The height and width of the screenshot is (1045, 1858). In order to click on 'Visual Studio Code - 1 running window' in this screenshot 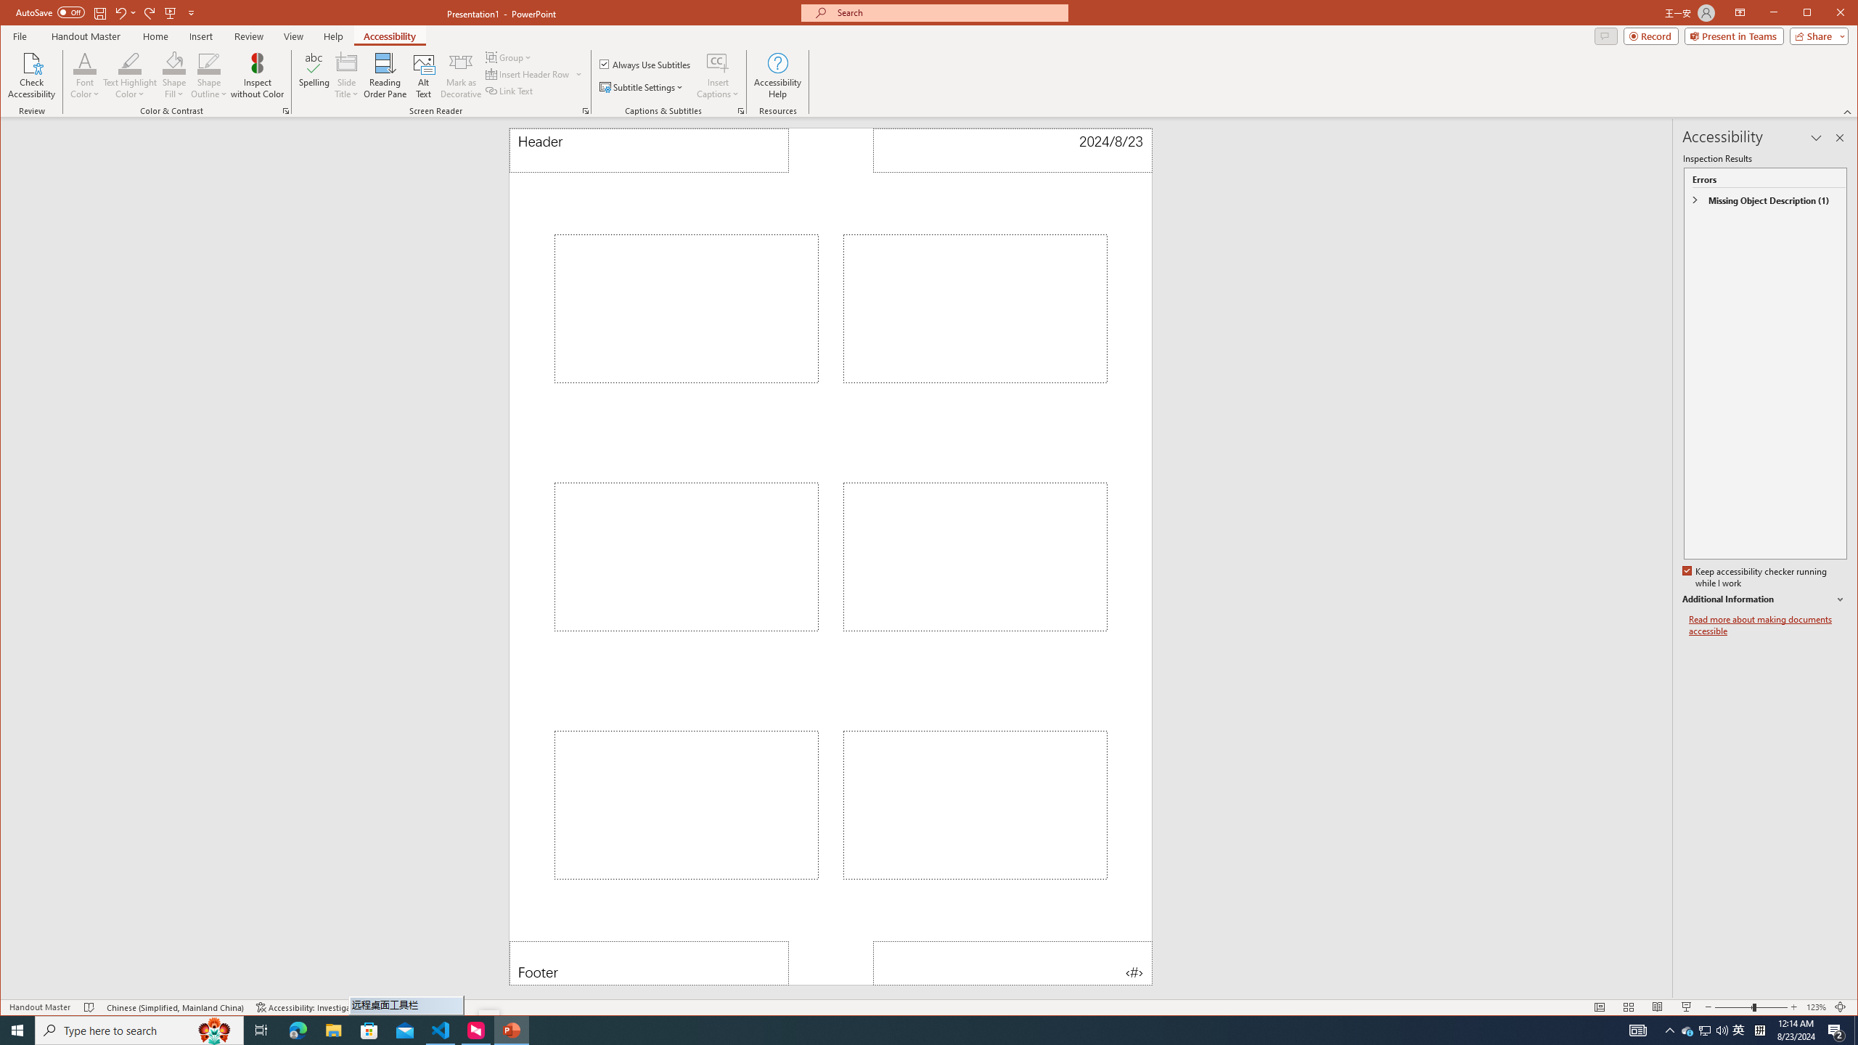, I will do `click(441, 1029)`.